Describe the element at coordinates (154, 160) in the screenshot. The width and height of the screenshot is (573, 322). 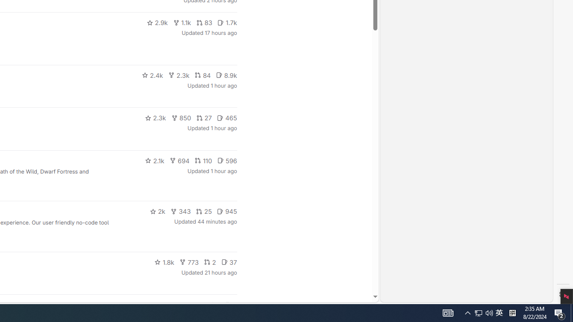
I see `'2.1k'` at that location.